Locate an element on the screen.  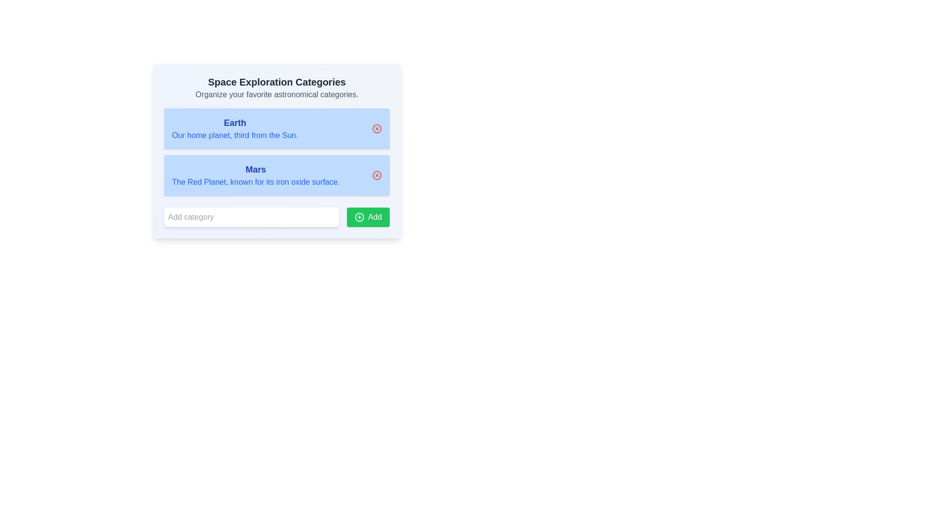
text display element that shows 'Organize your favorite astronomical categories.' which is located directly beneath the heading 'Space Exploration Categories.' is located at coordinates (276, 95).